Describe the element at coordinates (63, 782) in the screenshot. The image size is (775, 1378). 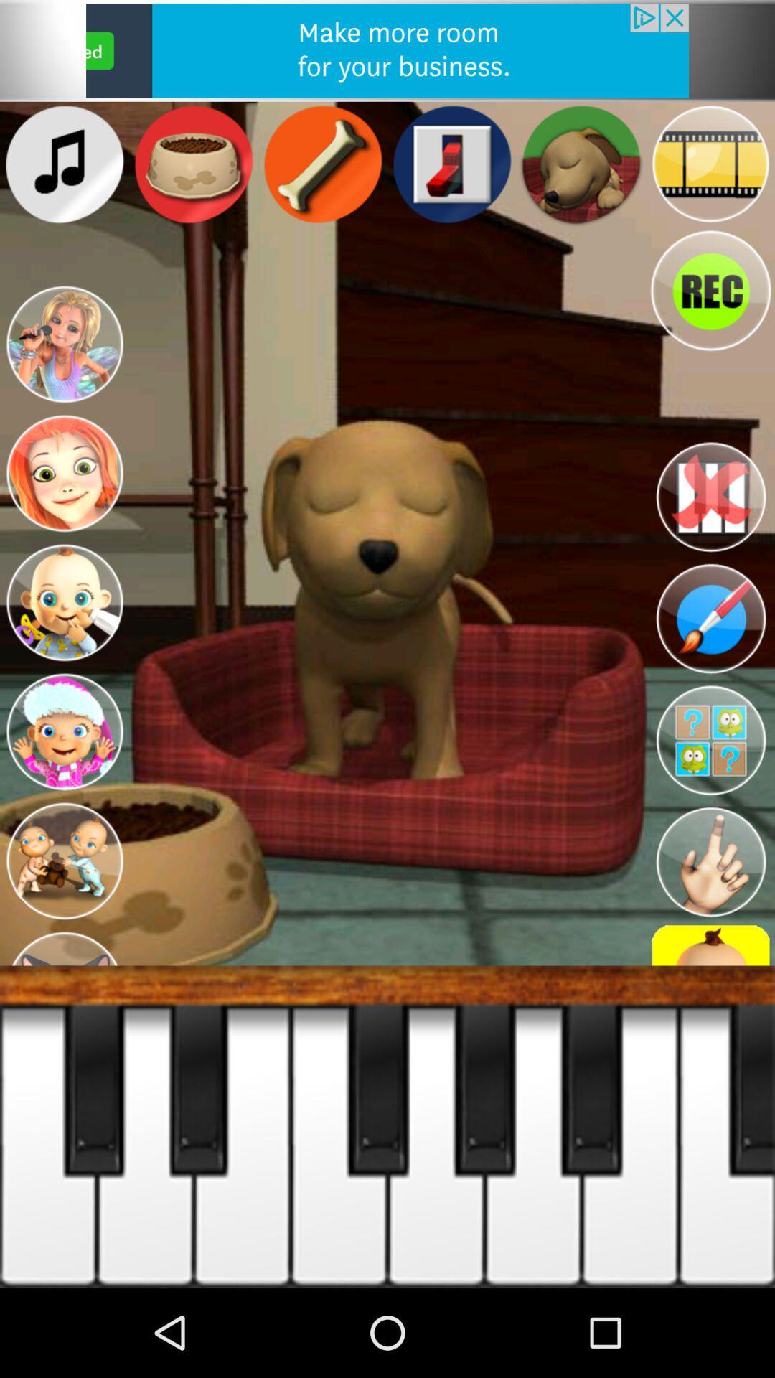
I see `the avatar icon` at that location.